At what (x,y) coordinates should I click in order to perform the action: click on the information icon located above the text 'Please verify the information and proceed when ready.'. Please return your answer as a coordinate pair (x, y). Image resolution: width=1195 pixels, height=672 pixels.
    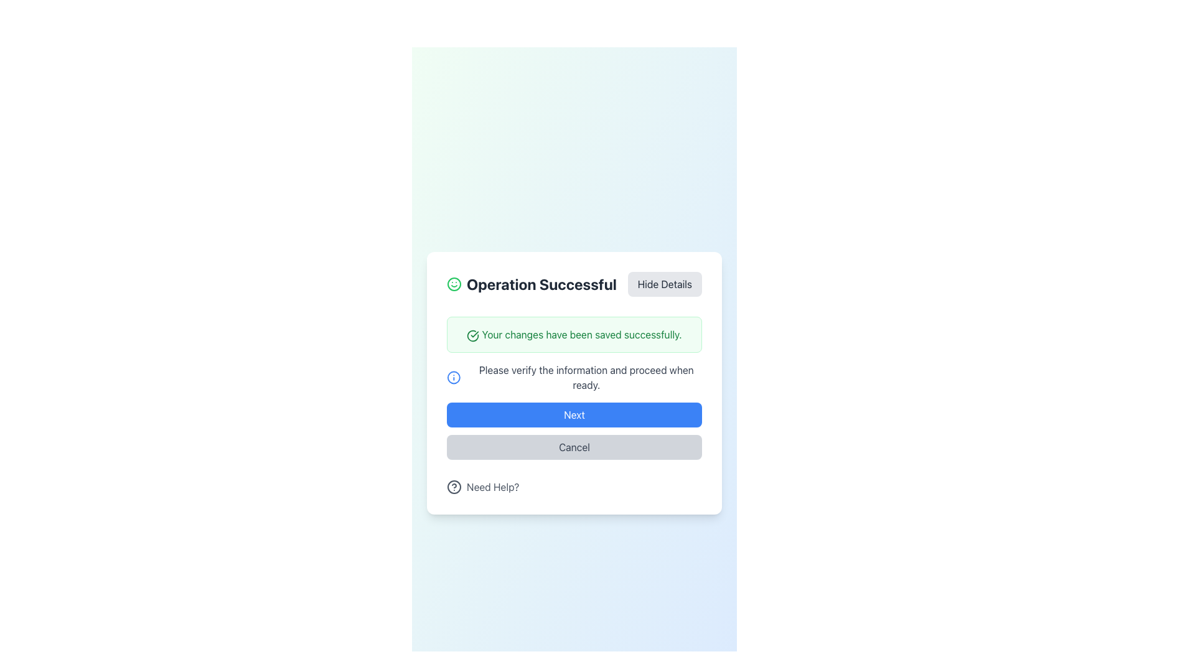
    Looking at the image, I should click on (453, 376).